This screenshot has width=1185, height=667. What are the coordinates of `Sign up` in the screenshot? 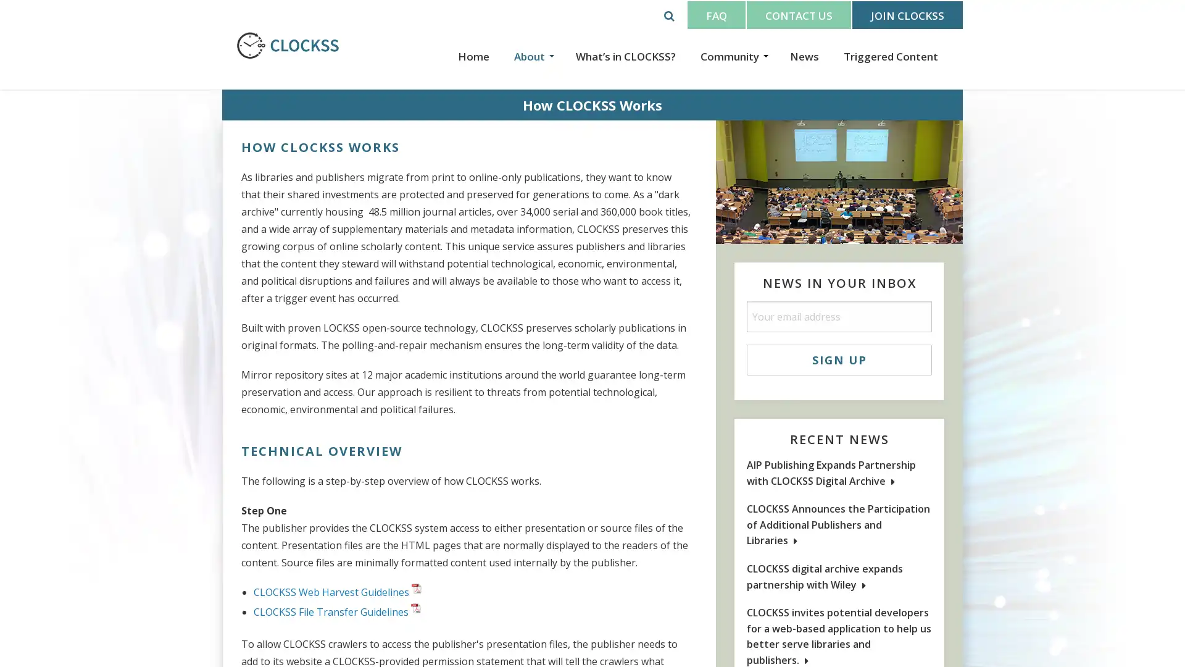 It's located at (839, 359).